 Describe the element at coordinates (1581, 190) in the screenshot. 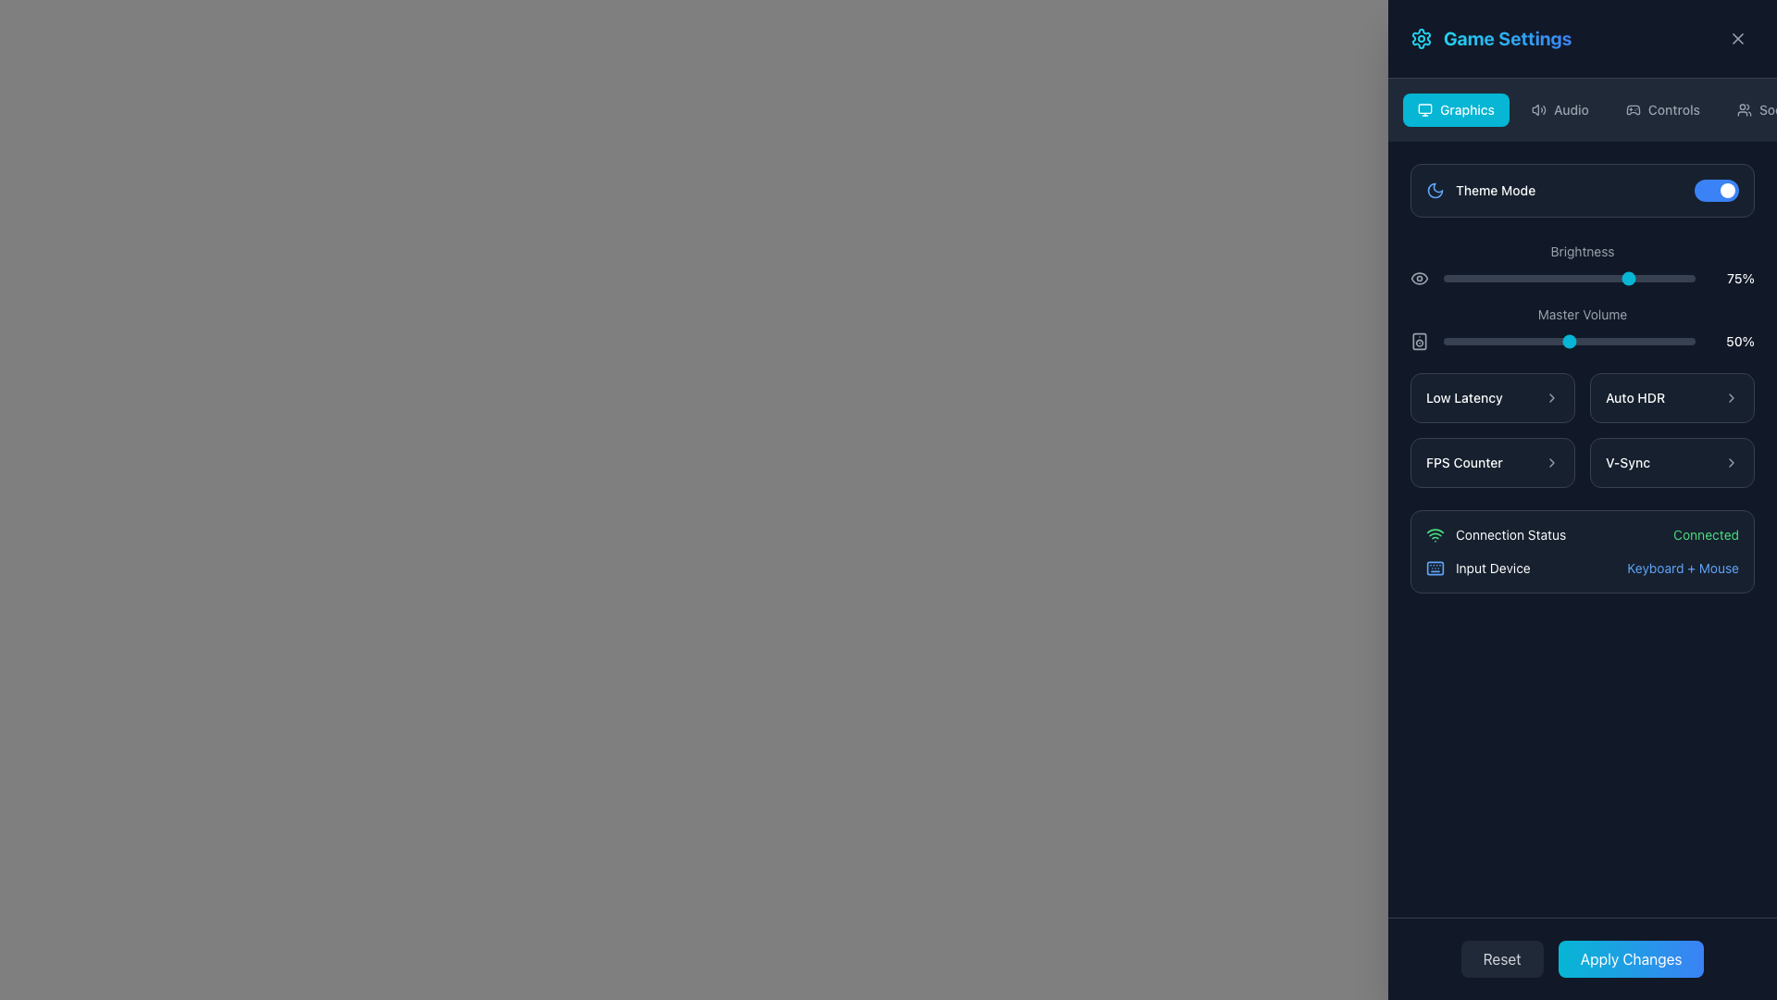

I see `the toggle switch for the theme mode located under the 'Graphics' tab in the vertical settings list to change its state` at that location.